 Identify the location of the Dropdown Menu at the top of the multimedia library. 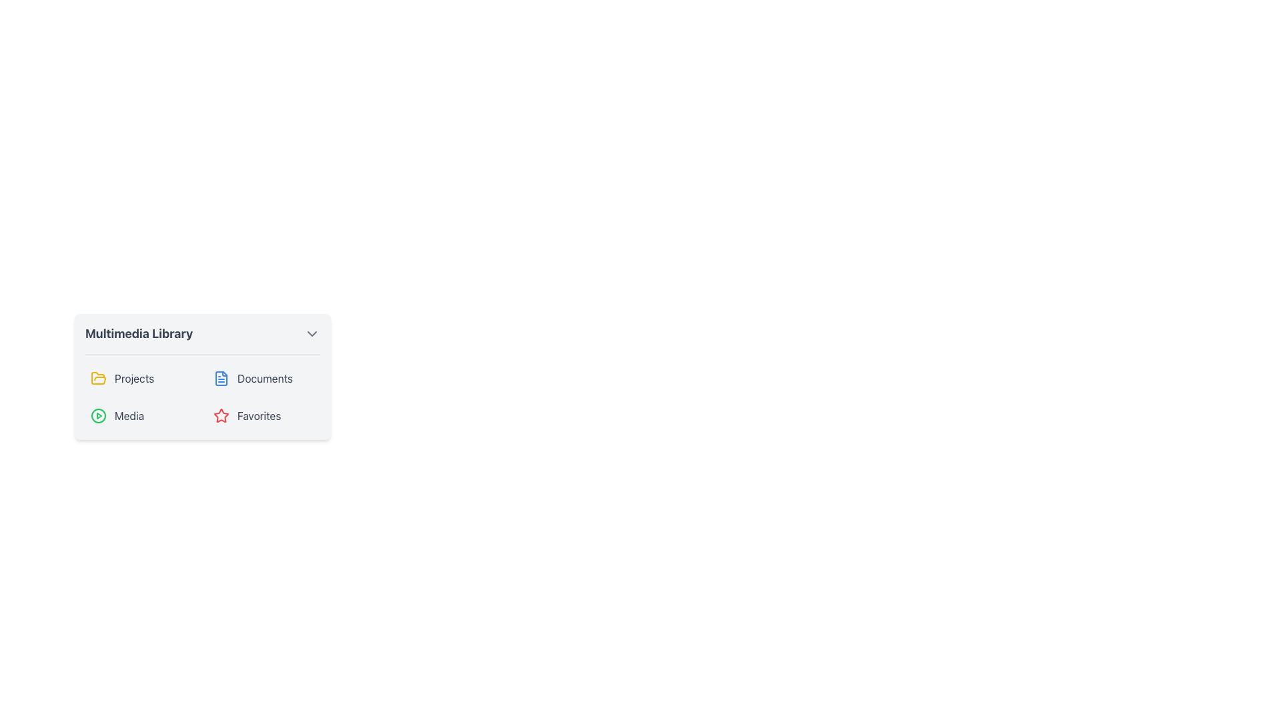
(201, 333).